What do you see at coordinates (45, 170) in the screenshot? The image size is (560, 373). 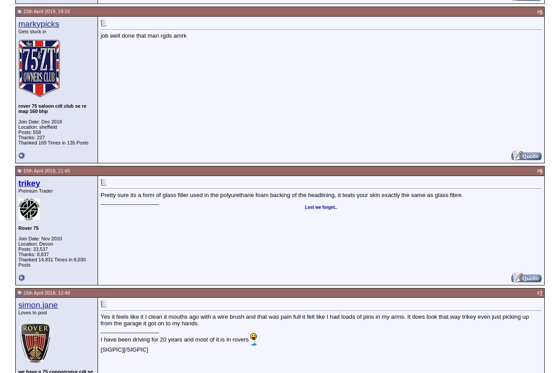 I see `'15th April 2019, 21:45'` at bounding box center [45, 170].